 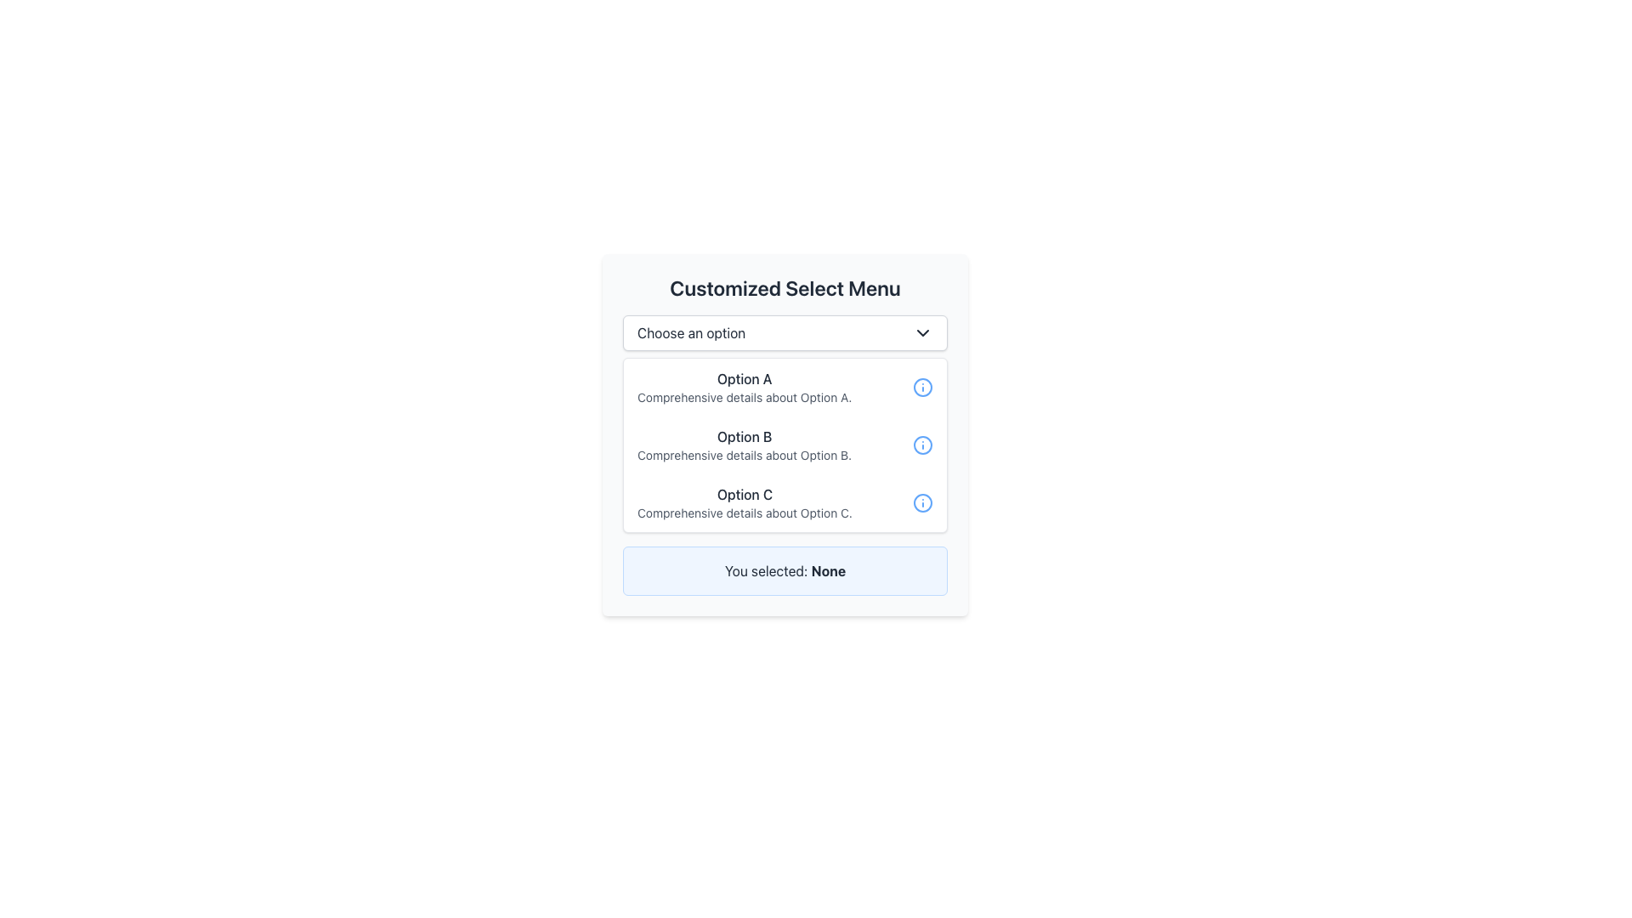 What do you see at coordinates (744, 445) in the screenshot?
I see `to select the 'Option B' item from the vertical list of options, which includes 'Option A,' 'Option B,' and 'Option C.'` at bounding box center [744, 445].